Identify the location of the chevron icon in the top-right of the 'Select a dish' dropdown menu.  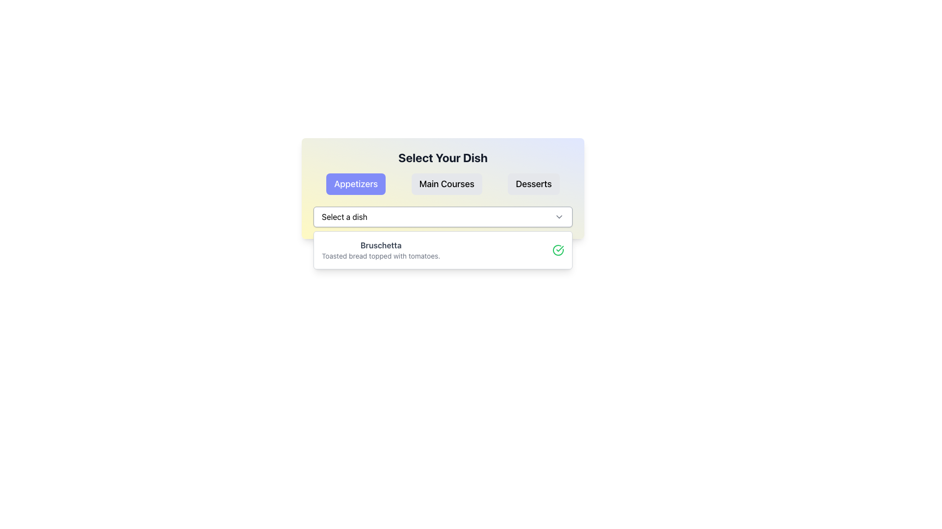
(559, 216).